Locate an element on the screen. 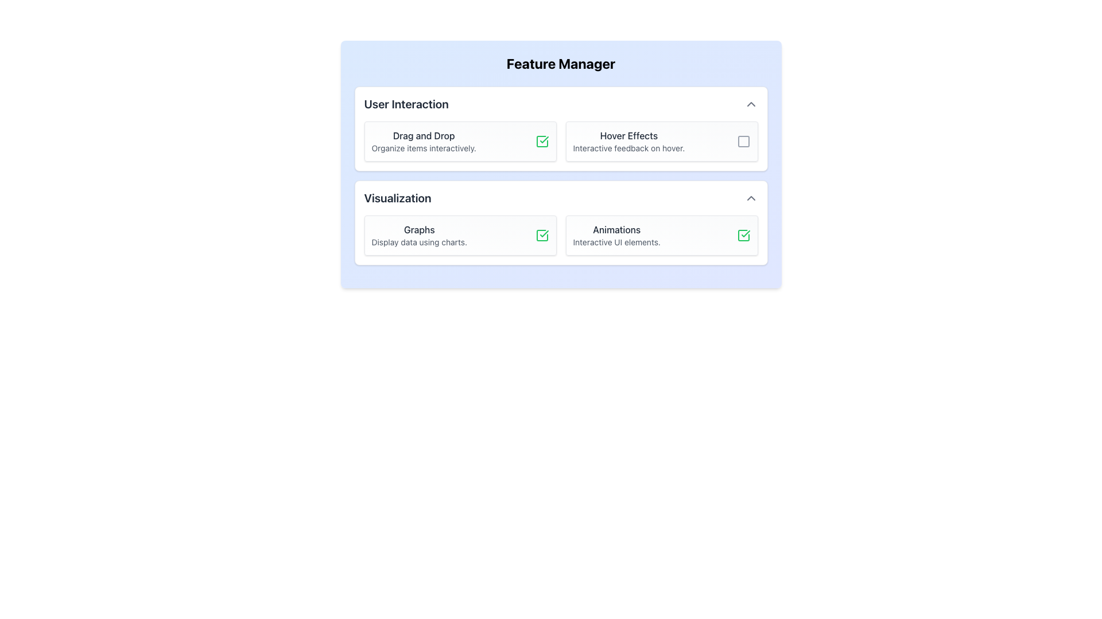  the 'Drag and Drop' text label, which consists of two lines: 'Drag and Drop' in bold dark font and 'Organize items interactively.' in lighter smaller font, located in the upper section of the card under the 'User Interaction' category is located at coordinates (423, 140).